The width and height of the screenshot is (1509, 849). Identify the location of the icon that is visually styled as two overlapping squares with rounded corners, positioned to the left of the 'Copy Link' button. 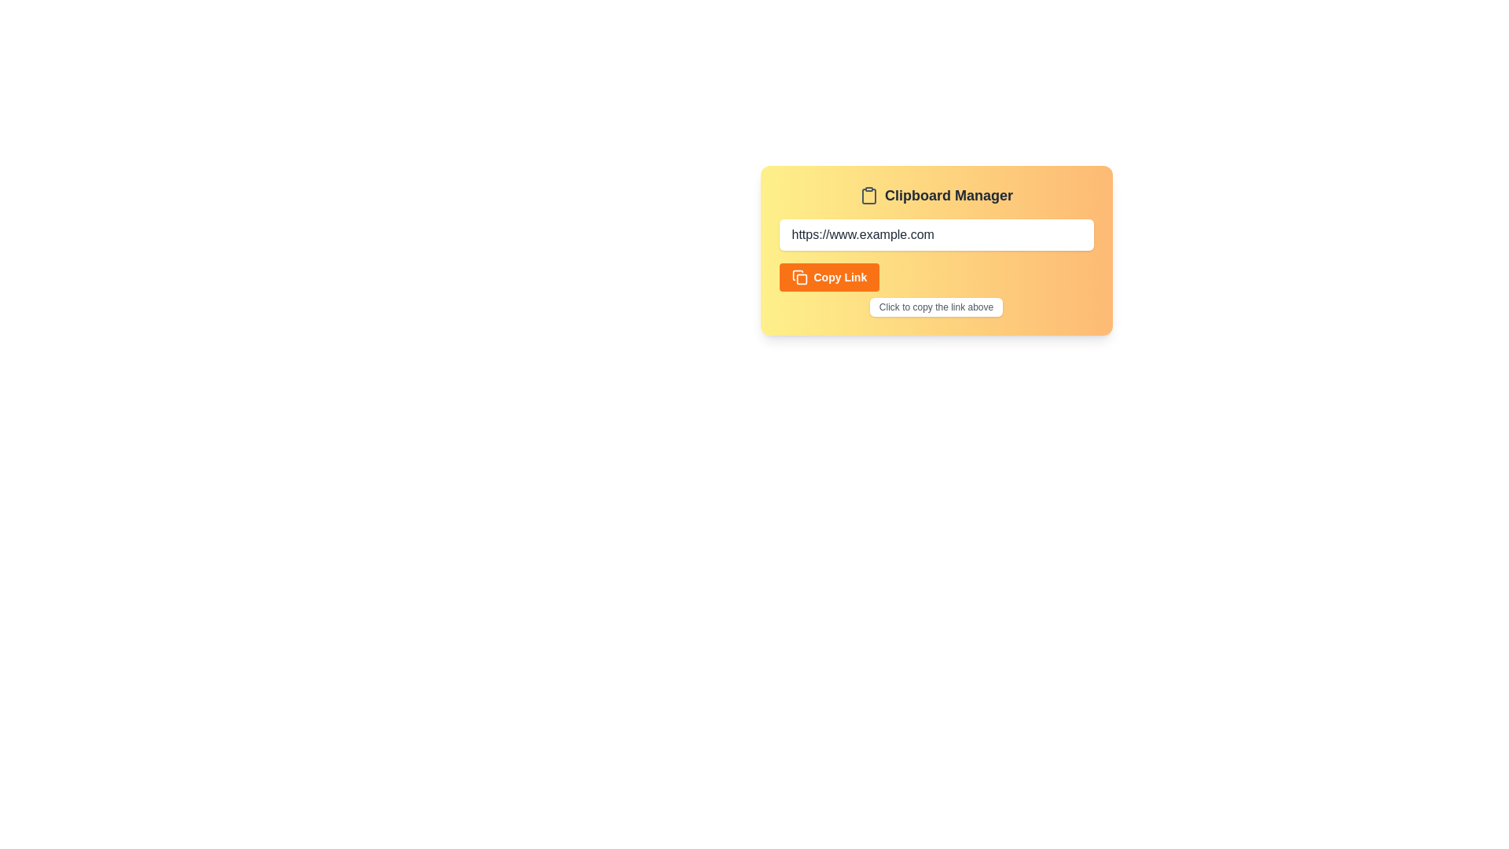
(799, 277).